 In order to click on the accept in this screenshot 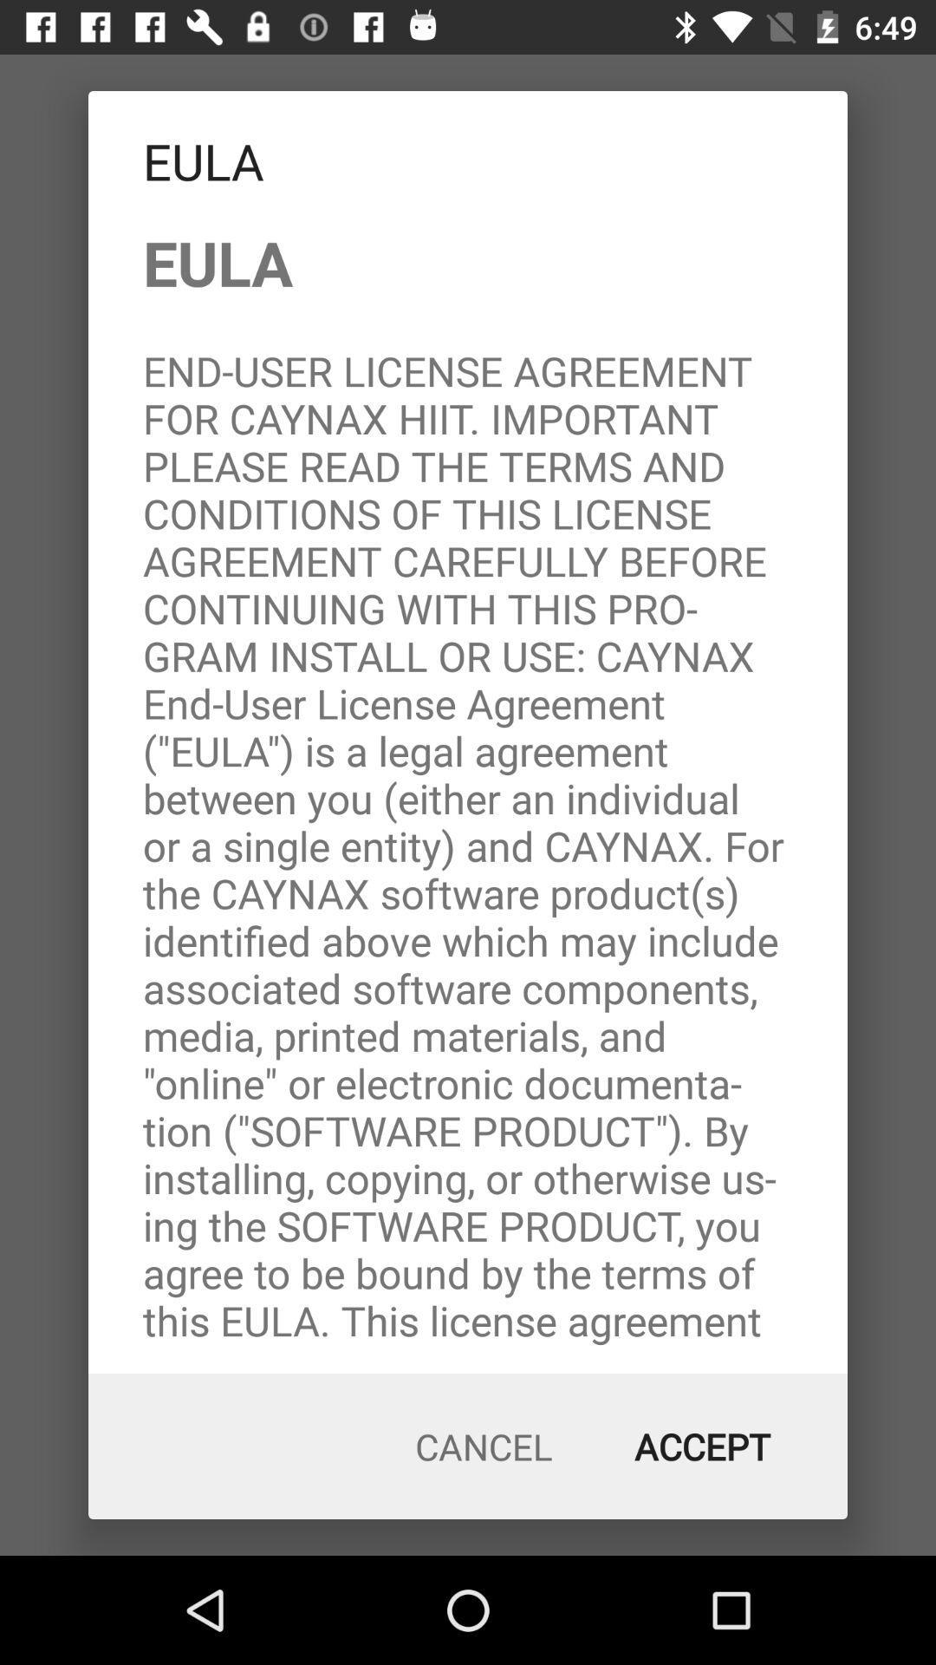, I will do `click(702, 1446)`.